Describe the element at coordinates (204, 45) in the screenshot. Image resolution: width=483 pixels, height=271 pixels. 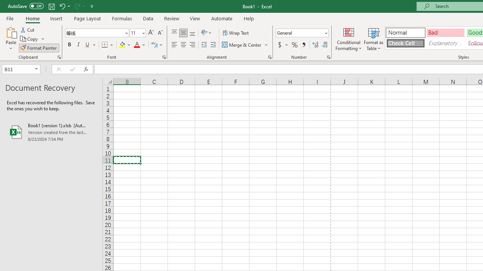
I see `'Decrease Indent'` at that location.